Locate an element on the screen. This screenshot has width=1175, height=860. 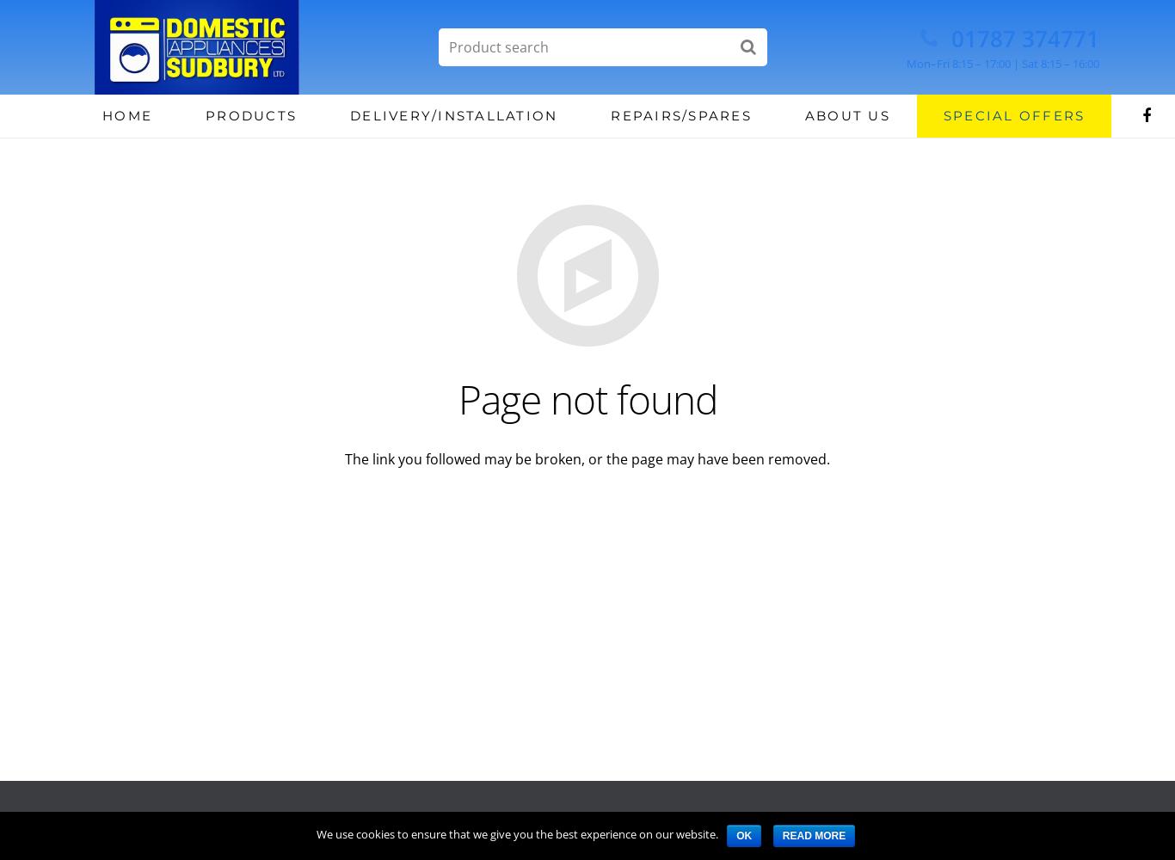
'Privacy' is located at coordinates (702, 820).